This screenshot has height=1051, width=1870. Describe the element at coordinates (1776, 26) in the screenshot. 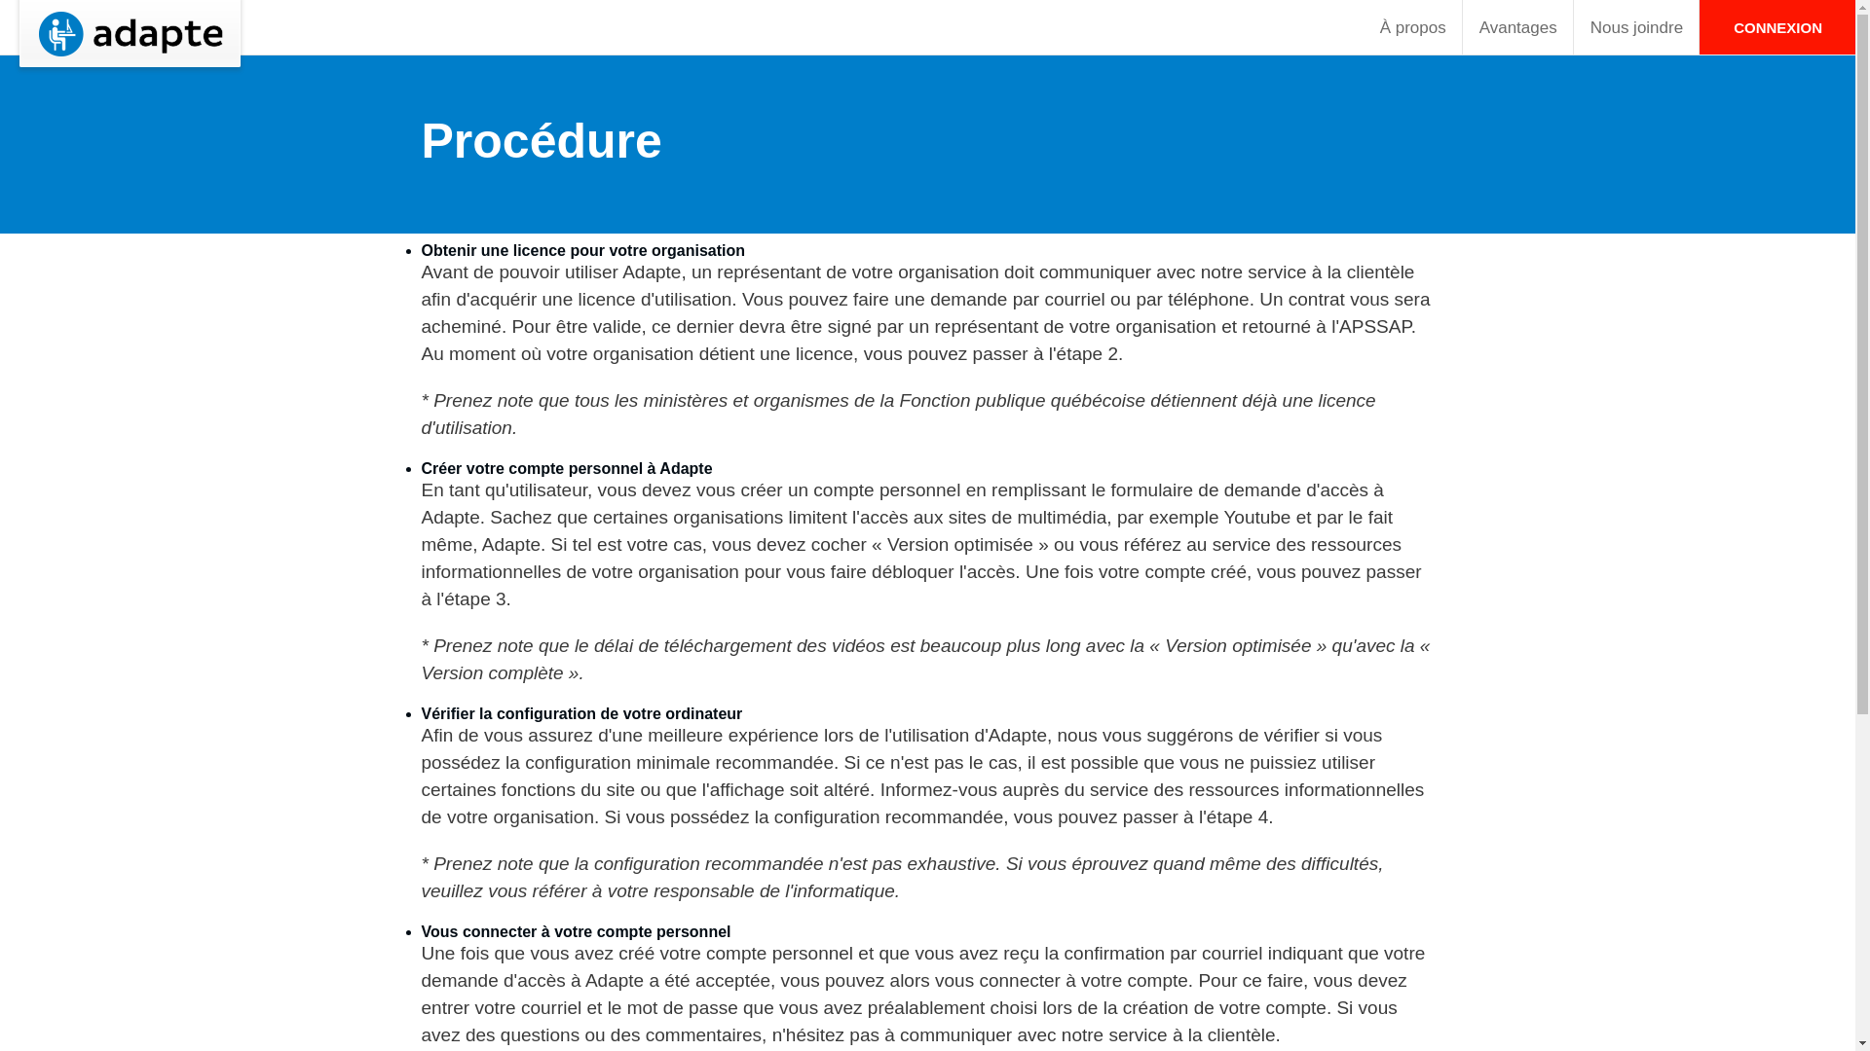

I see `'CONNEXION'` at that location.